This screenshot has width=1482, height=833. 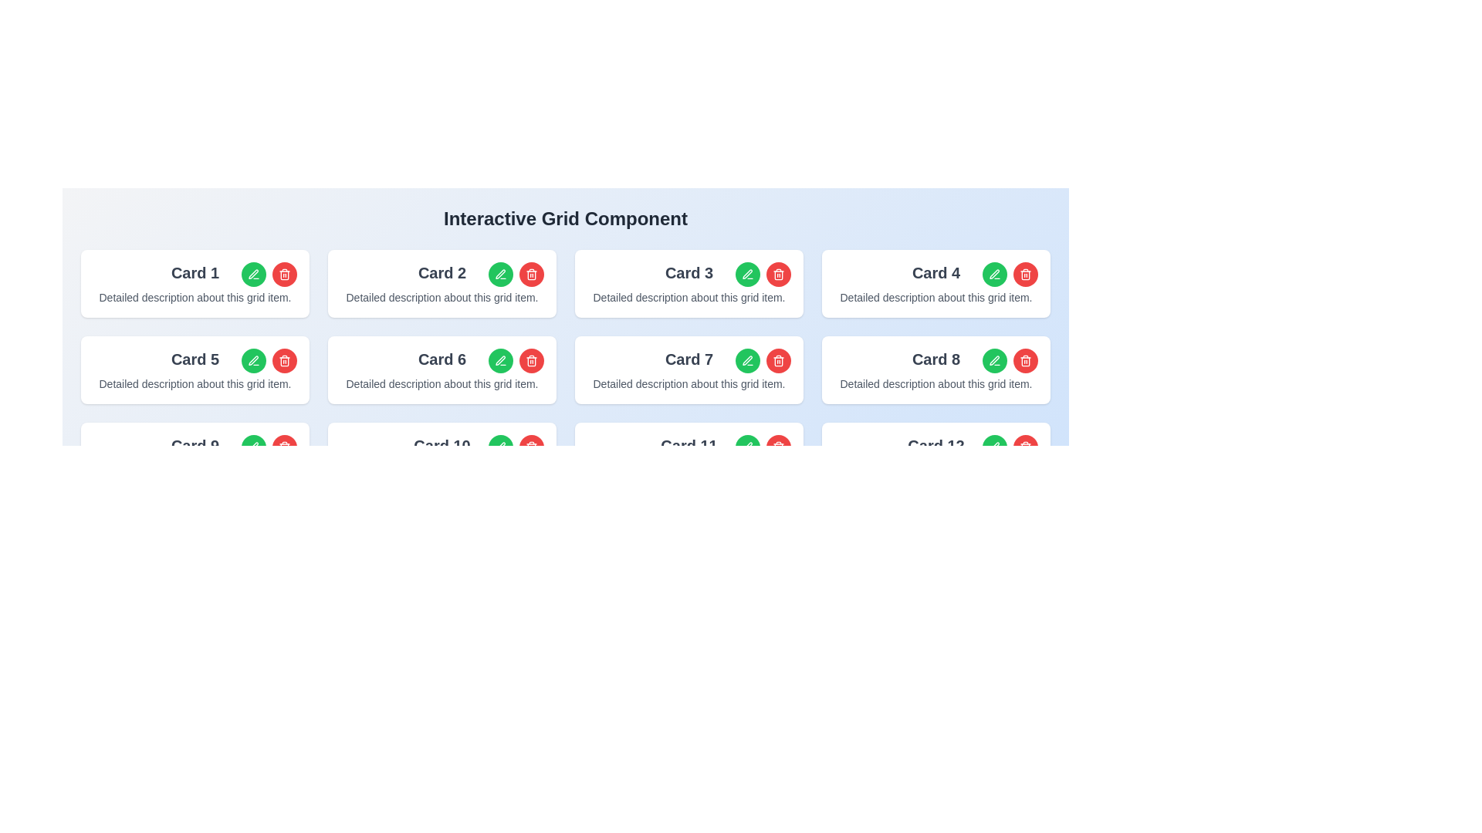 What do you see at coordinates (936, 272) in the screenshot?
I see `the text label displaying 'Card 4' which is prominently styled in dark gray and located in the second row and fourth column of the grid layout` at bounding box center [936, 272].